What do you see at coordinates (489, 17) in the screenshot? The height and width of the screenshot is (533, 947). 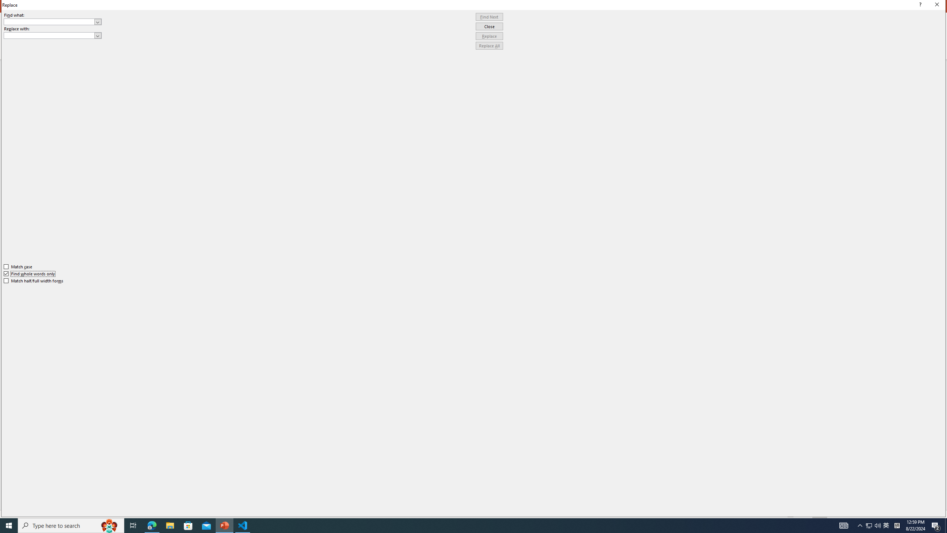 I see `'Find Next'` at bounding box center [489, 17].